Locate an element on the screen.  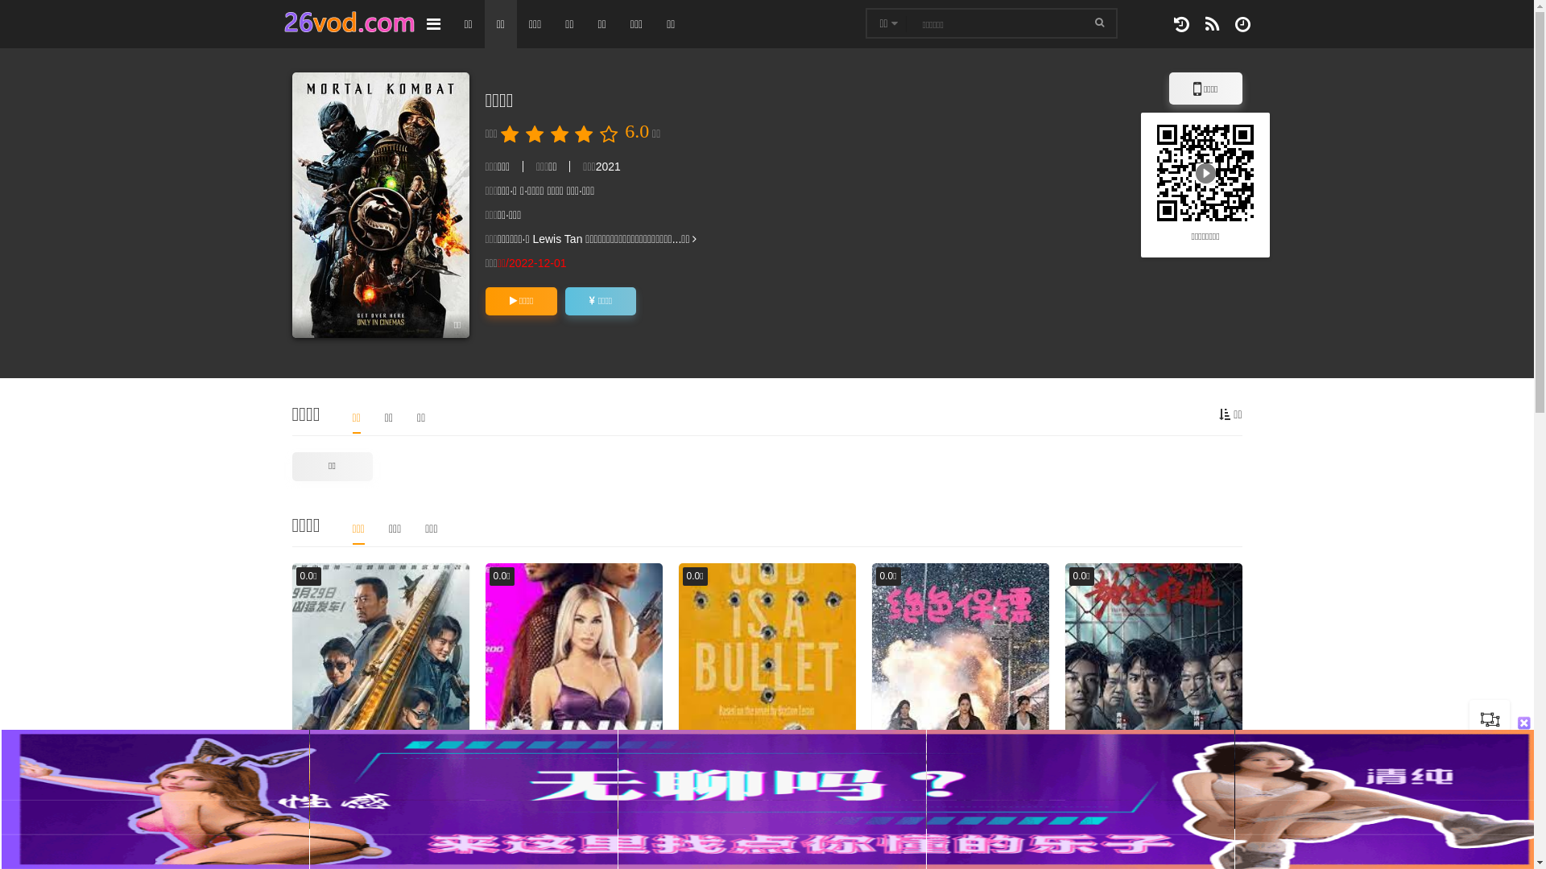
'http://26vod.com/vod/Y44m.html' is located at coordinates (1205, 171).